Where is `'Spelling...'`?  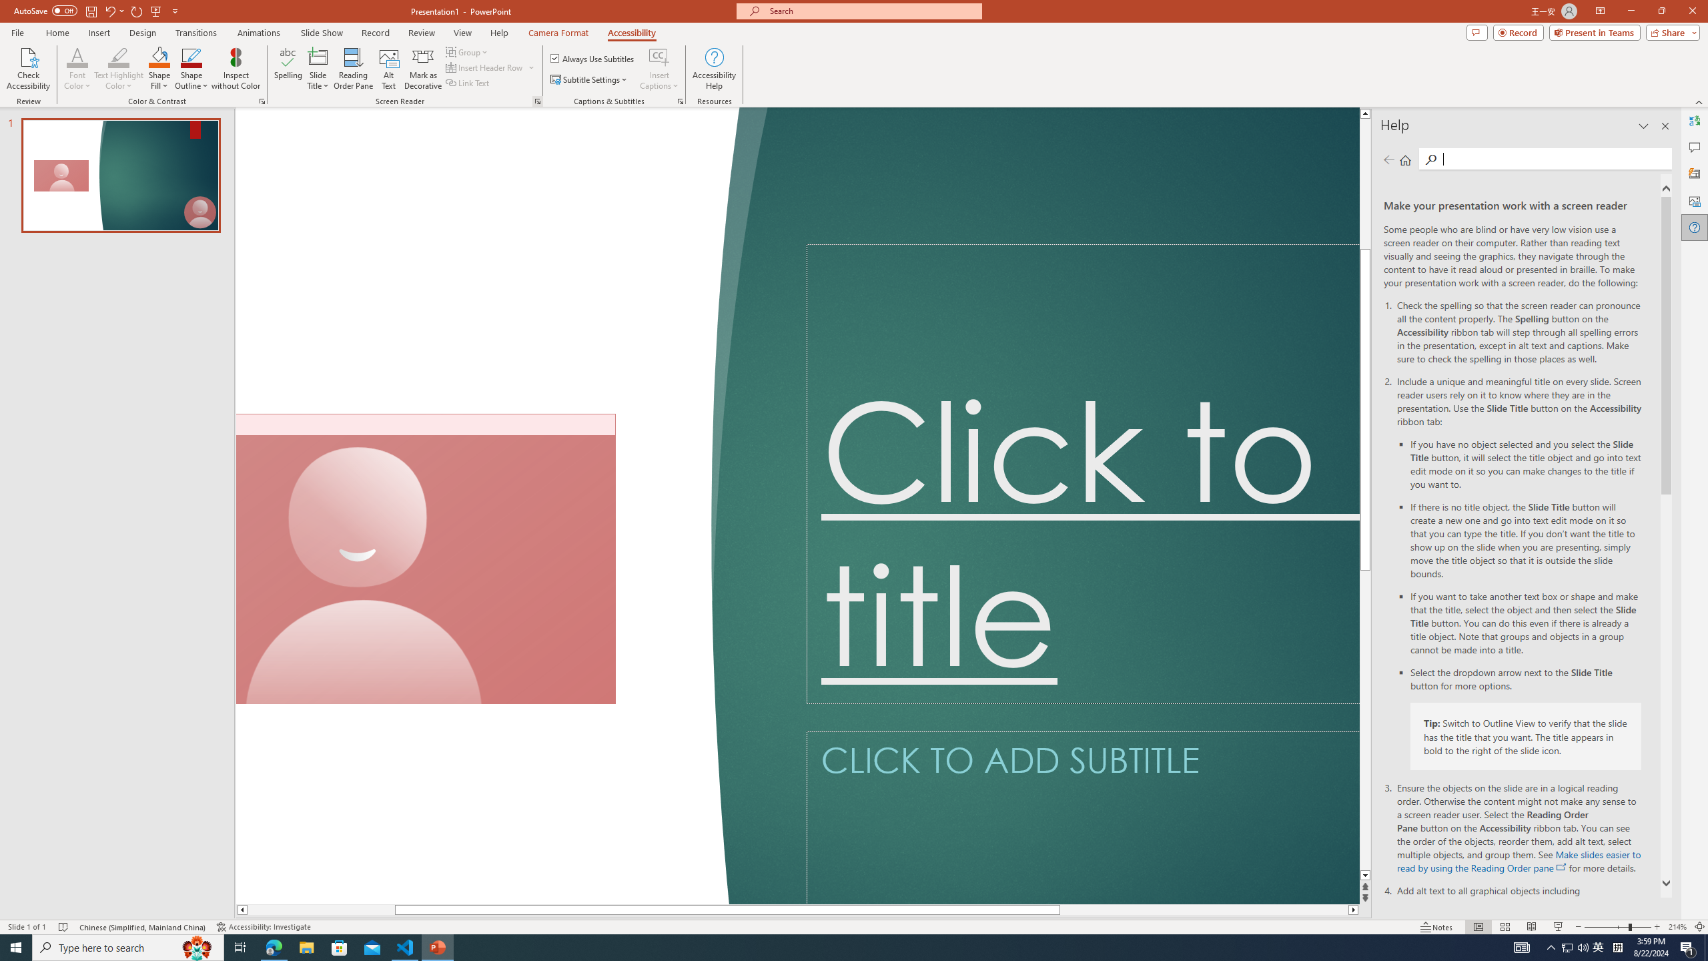 'Spelling...' is located at coordinates (288, 69).